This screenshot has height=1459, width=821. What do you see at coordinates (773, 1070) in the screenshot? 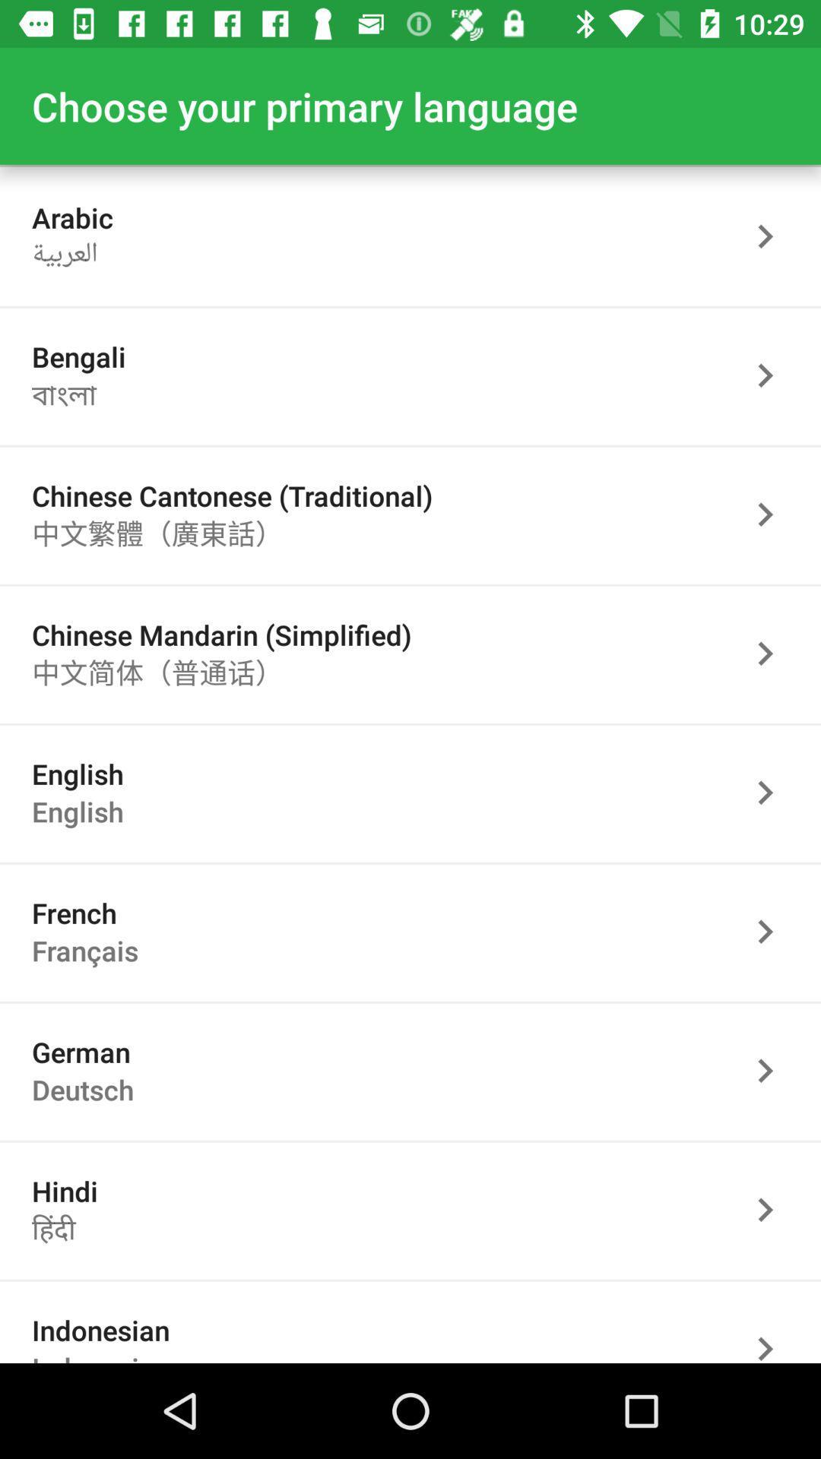
I see `german language` at bounding box center [773, 1070].